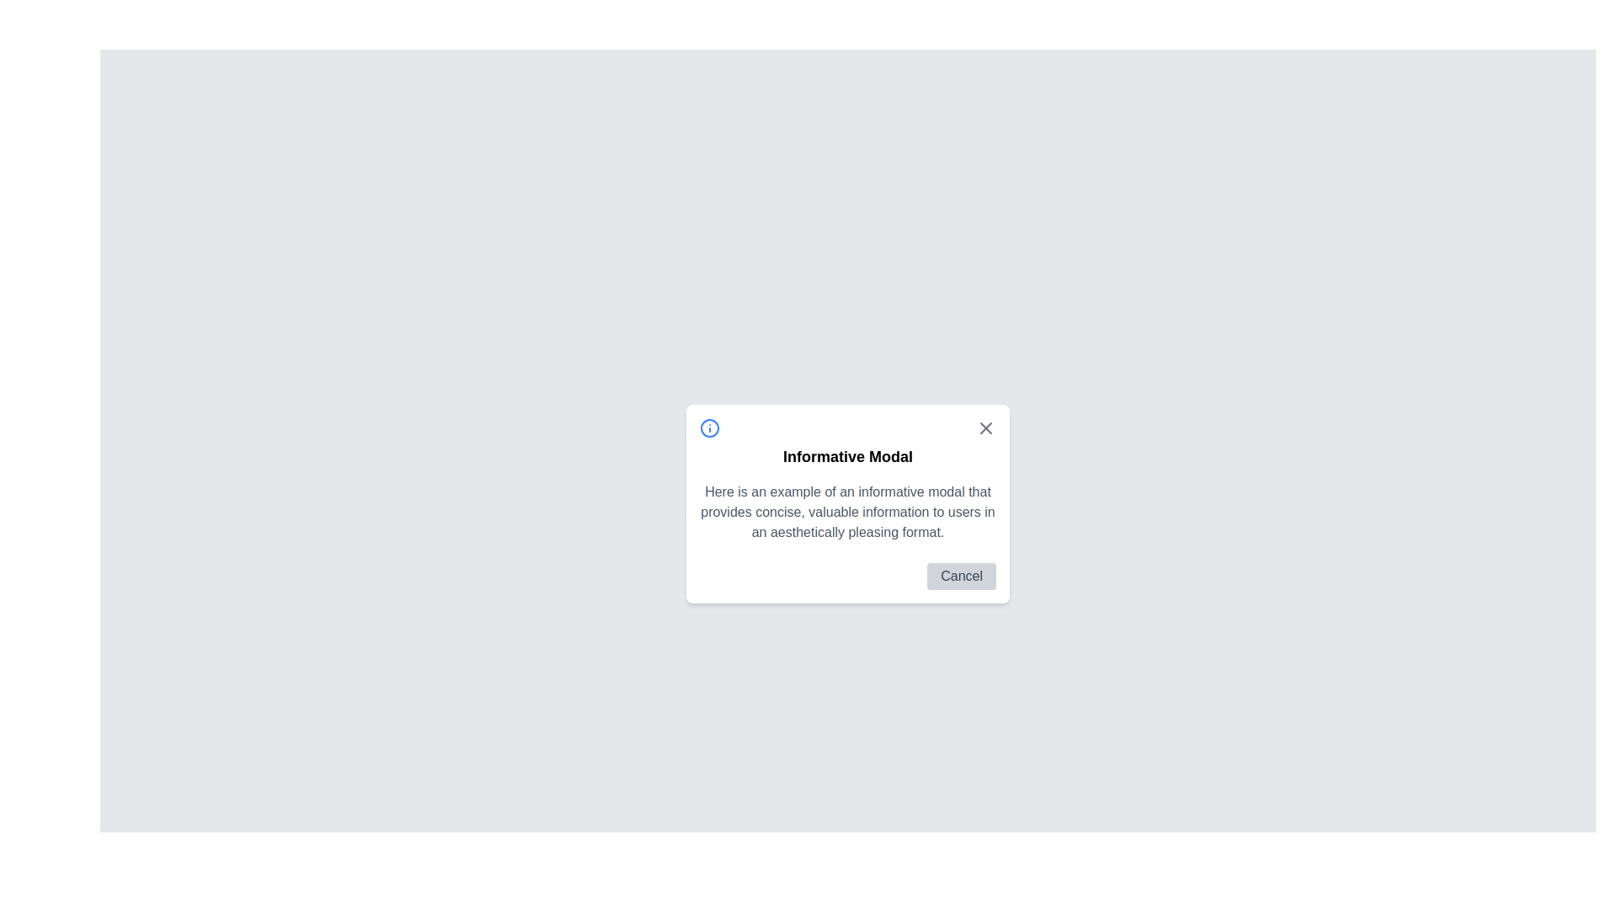 This screenshot has width=1617, height=909. I want to click on circular blue stroke of the 'Info' icon located at the upper-left corner of the 'Informative Modal' dialog box, so click(710, 428).